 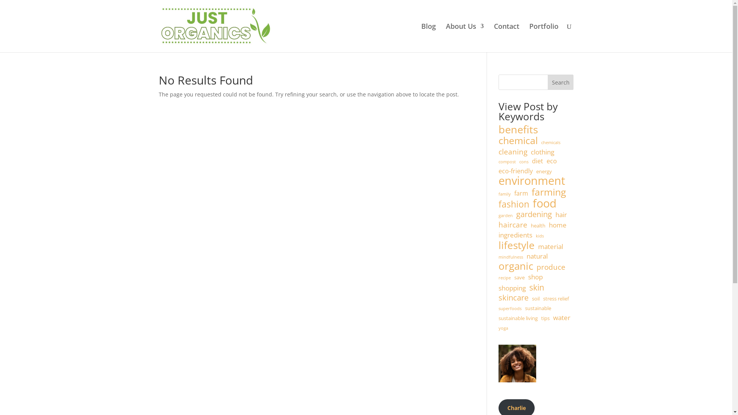 I want to click on 'ingredients', so click(x=515, y=235).